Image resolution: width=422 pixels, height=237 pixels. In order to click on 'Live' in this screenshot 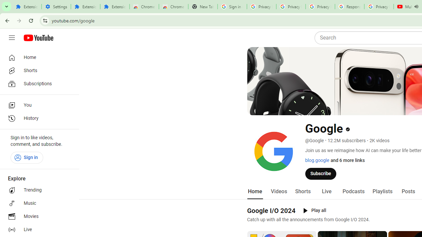, I will do `click(37, 229)`.